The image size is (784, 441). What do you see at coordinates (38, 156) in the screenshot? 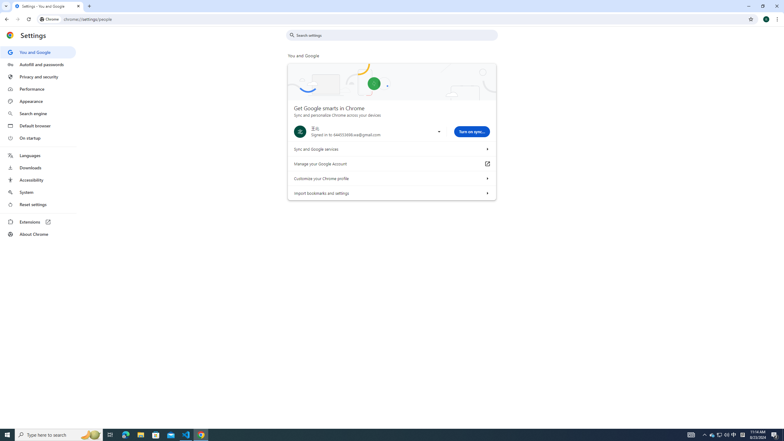
I see `'Languages'` at bounding box center [38, 156].